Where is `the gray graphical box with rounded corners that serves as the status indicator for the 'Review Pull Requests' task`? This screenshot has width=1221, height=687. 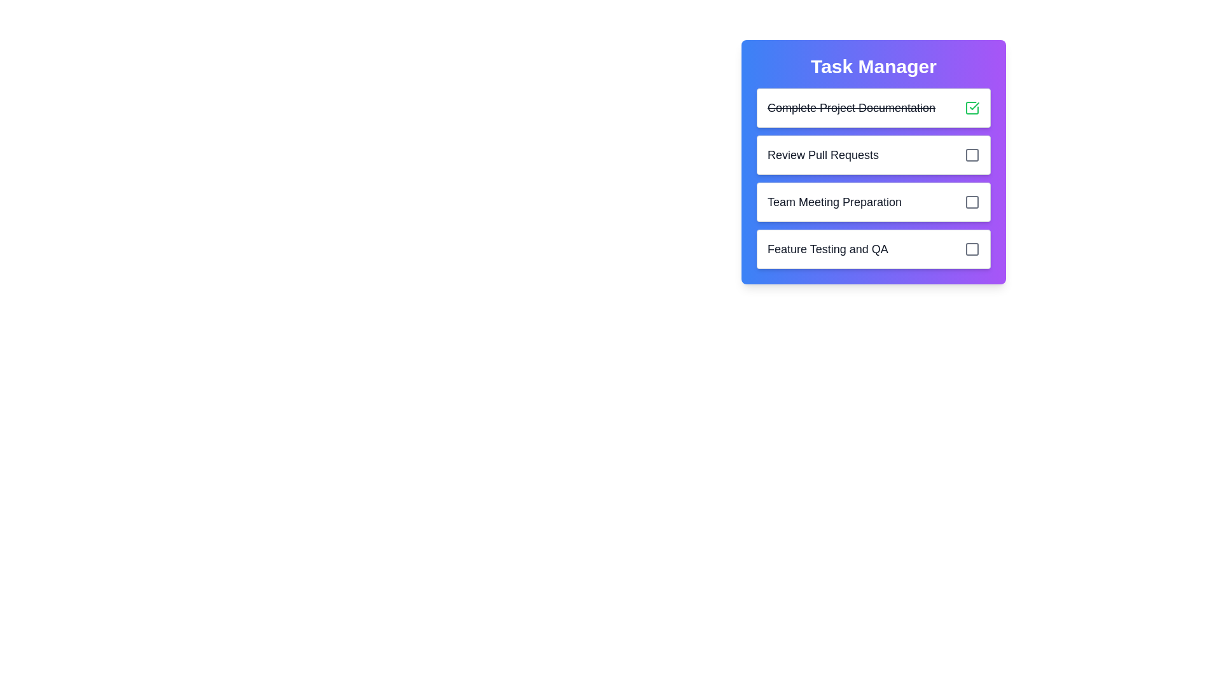 the gray graphical box with rounded corners that serves as the status indicator for the 'Review Pull Requests' task is located at coordinates (972, 154).